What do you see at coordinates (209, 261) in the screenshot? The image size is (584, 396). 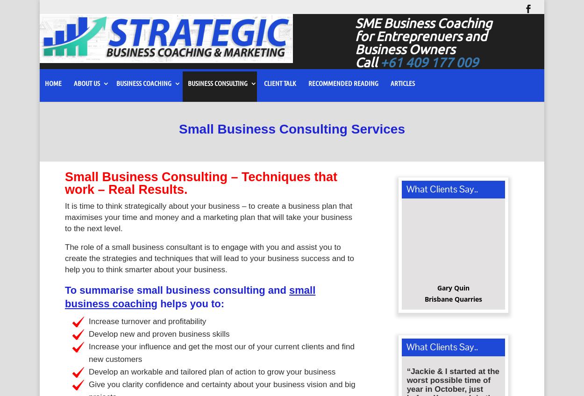 I see `'The role of a small business consultant is to engage with you and assist you to create the strategies and techniques that will lead to your business success and to help you to think smarter about your business.'` at bounding box center [209, 261].